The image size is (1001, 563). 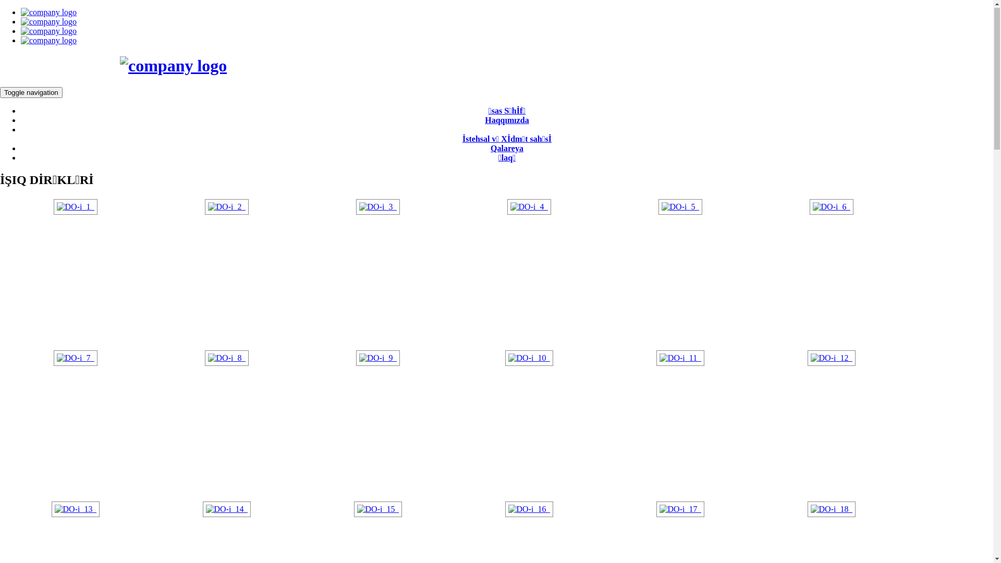 I want to click on 'Toggle navigation', so click(x=31, y=92).